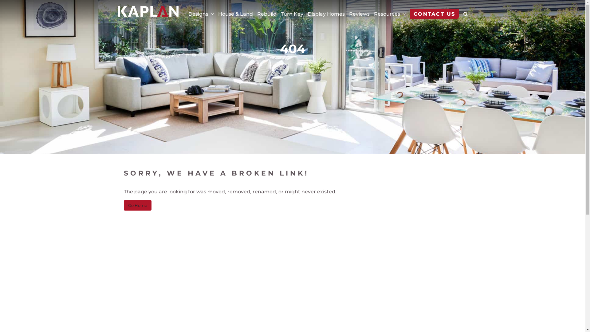  What do you see at coordinates (454, 15) in the screenshot?
I see `'Search'` at bounding box center [454, 15].